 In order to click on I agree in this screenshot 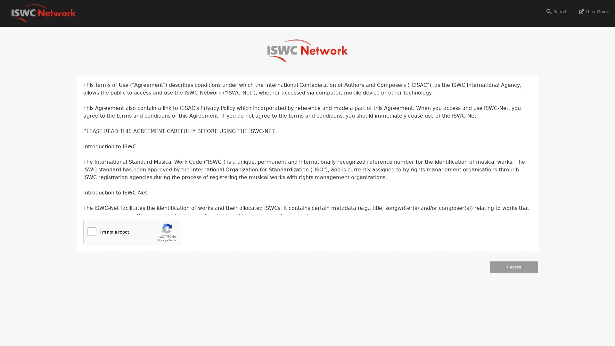, I will do `click(514, 267)`.